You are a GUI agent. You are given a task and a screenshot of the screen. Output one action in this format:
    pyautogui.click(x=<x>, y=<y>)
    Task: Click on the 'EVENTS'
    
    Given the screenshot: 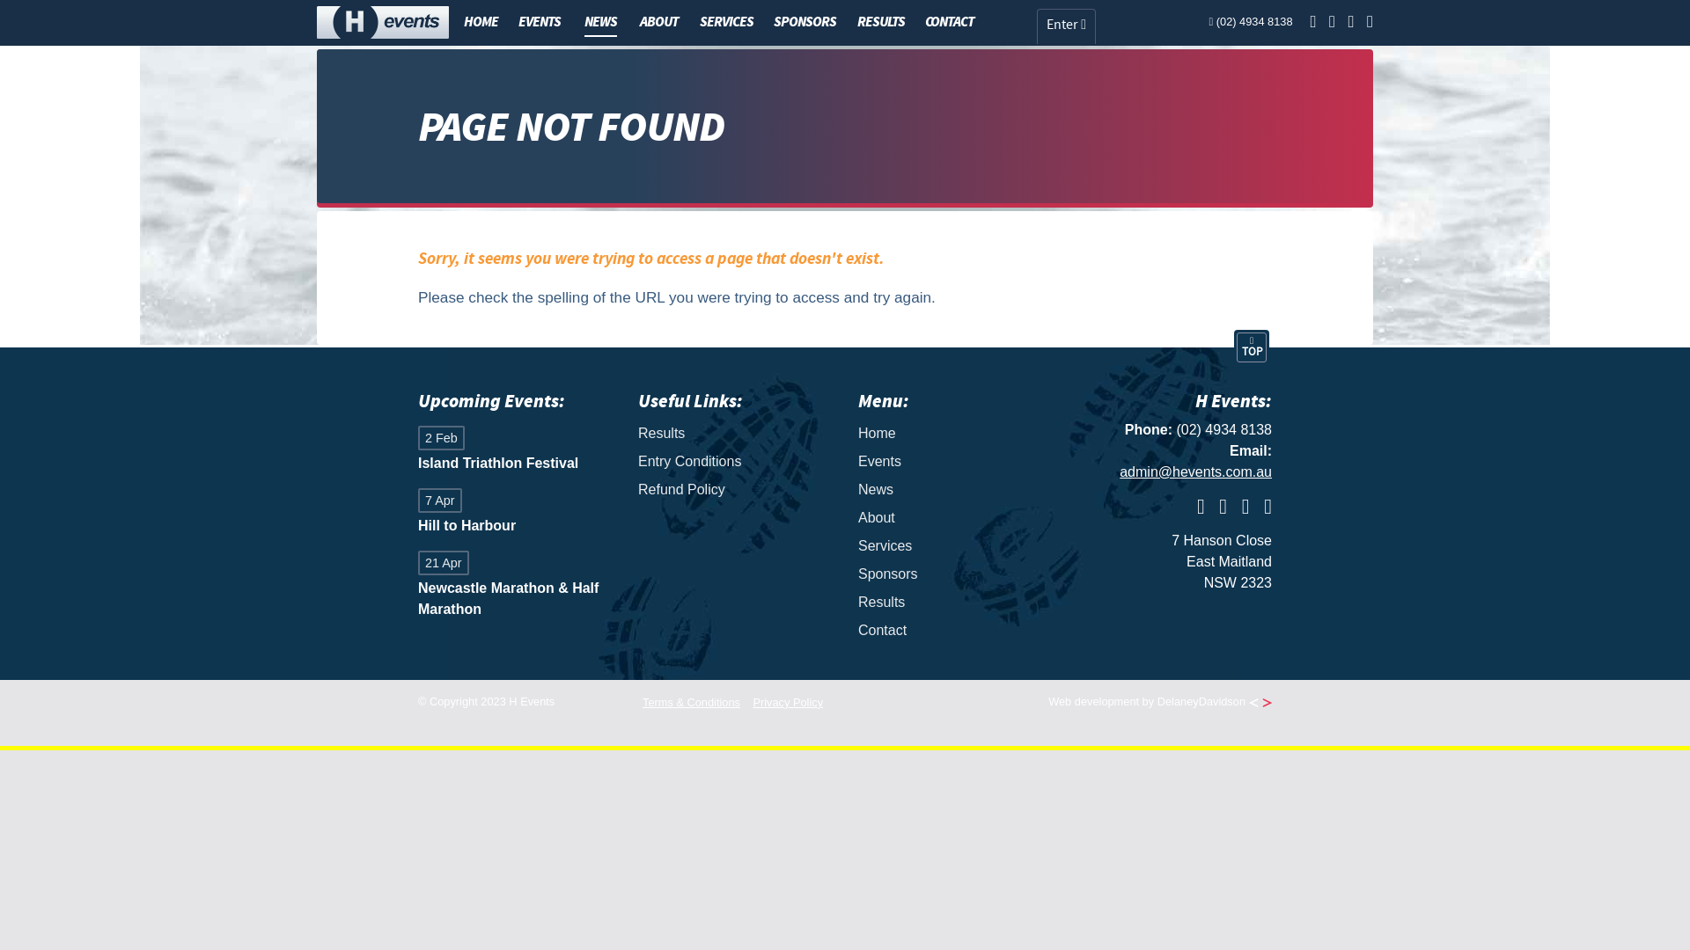 What is the action you would take?
    pyautogui.click(x=539, y=21)
    